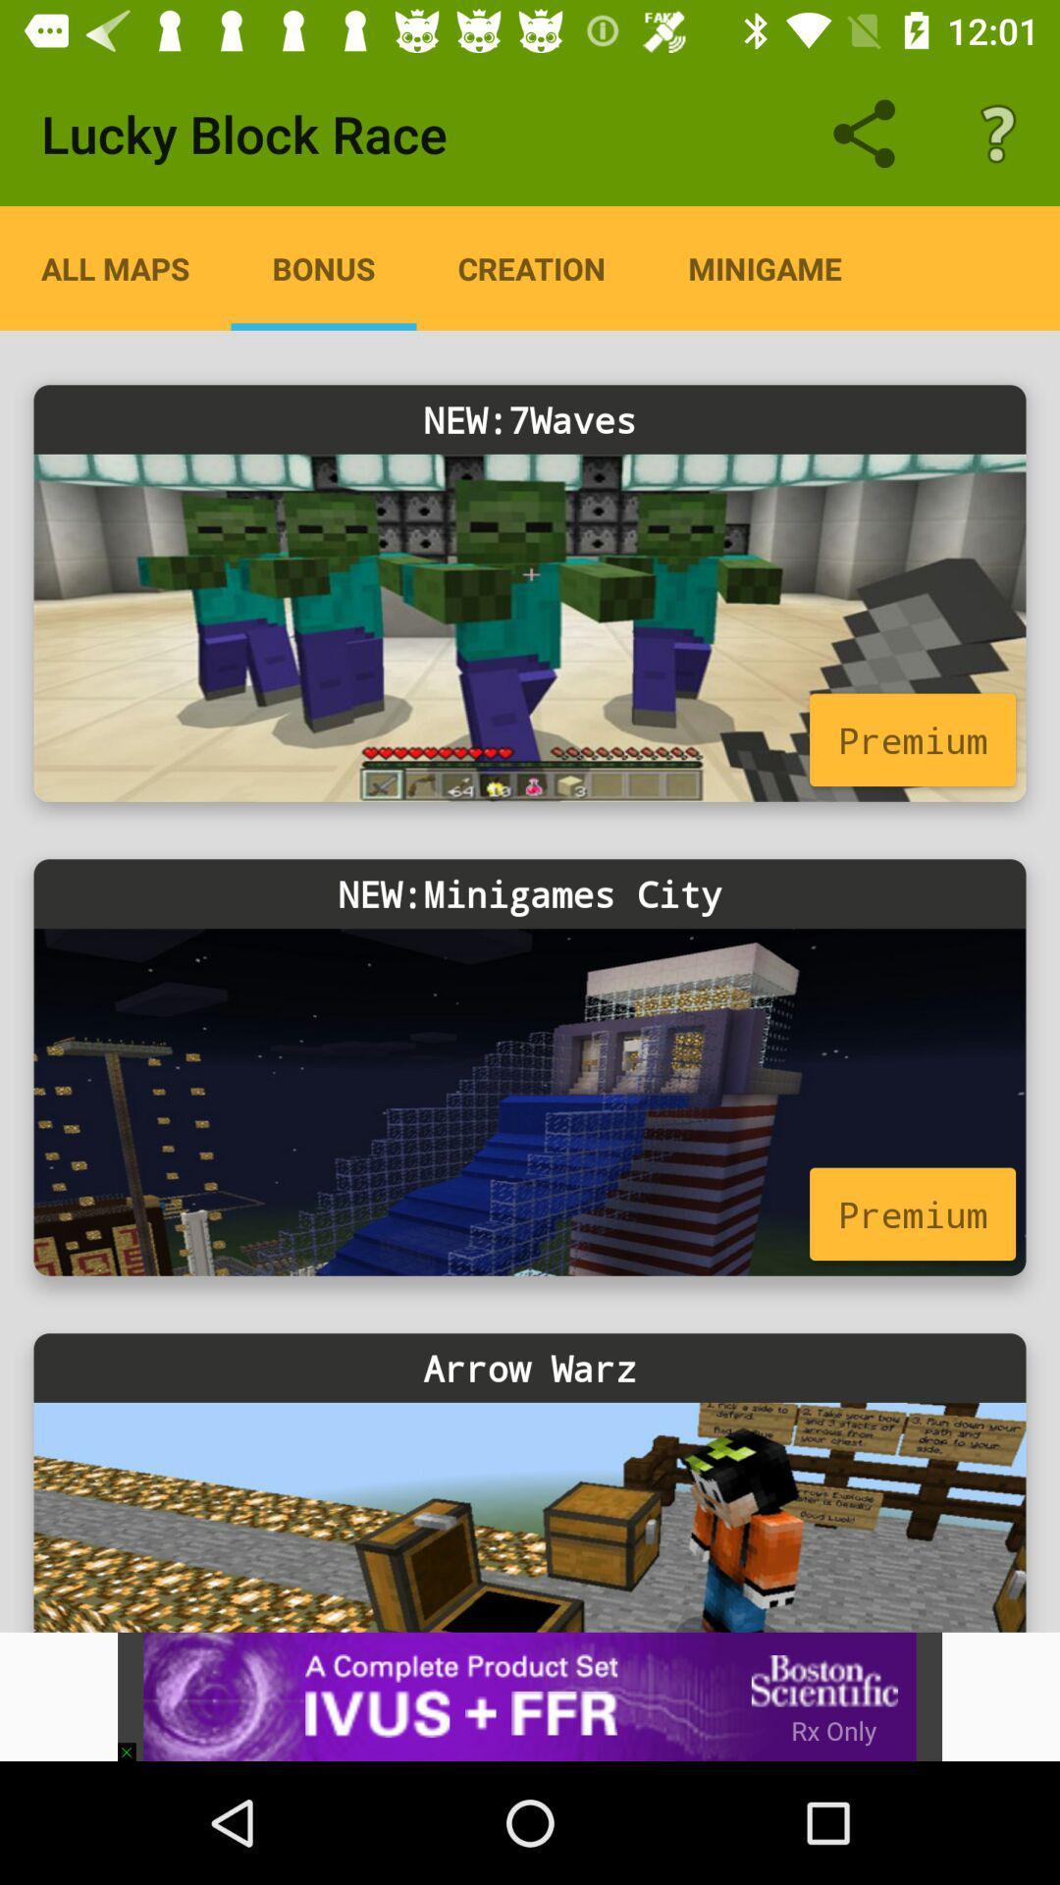 The height and width of the screenshot is (1885, 1060). Describe the element at coordinates (323, 267) in the screenshot. I see `the icon above the new:7waves item` at that location.